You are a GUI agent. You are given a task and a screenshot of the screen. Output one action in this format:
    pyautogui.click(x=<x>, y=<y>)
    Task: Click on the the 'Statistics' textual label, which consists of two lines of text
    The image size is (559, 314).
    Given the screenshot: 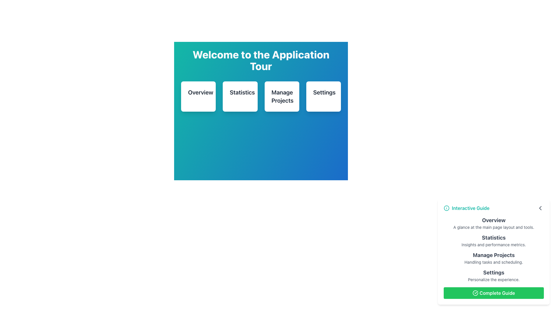 What is the action you would take?
    pyautogui.click(x=493, y=241)
    